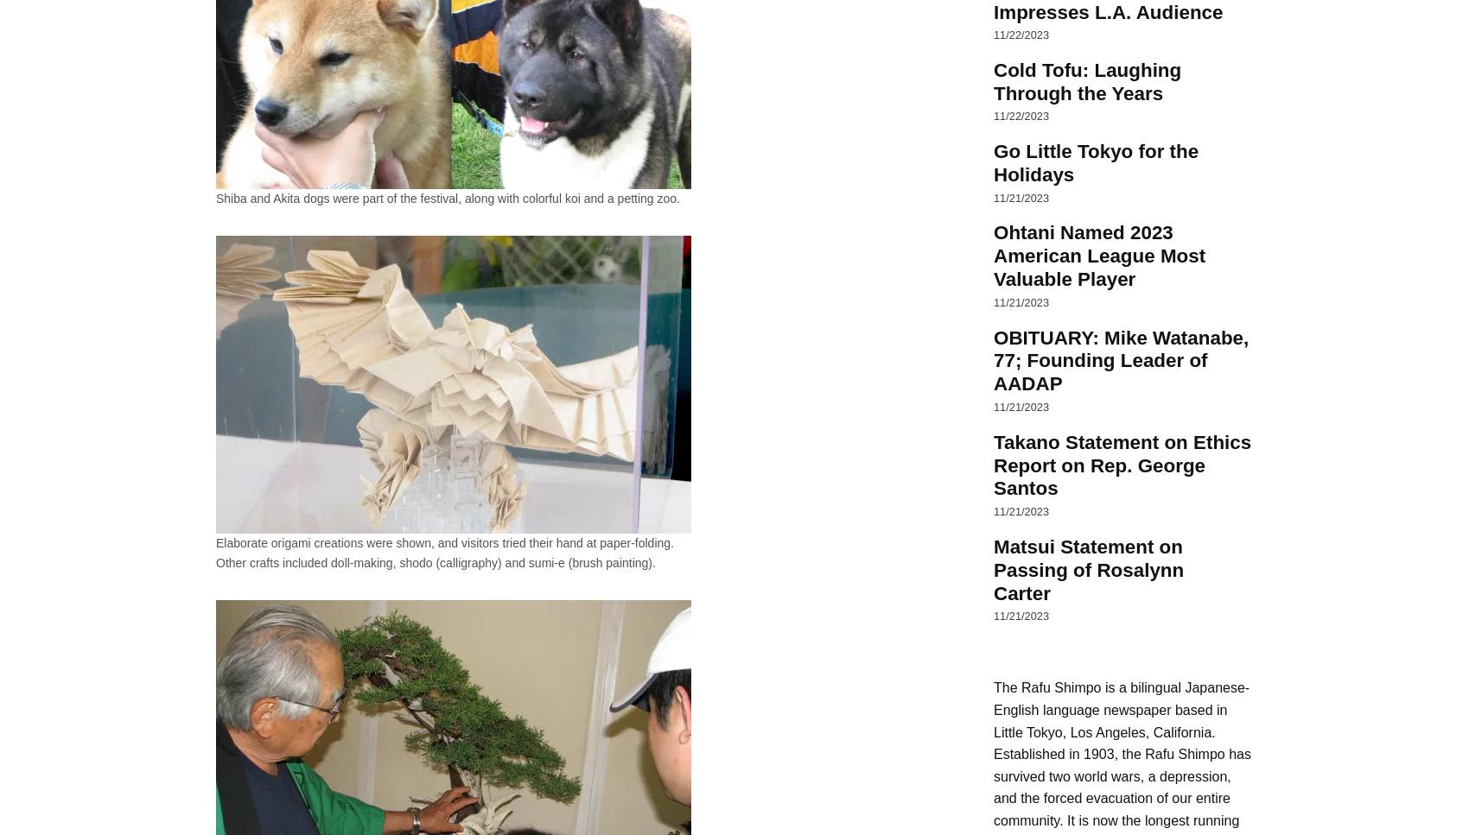 The height and width of the screenshot is (835, 1469). What do you see at coordinates (1098, 255) in the screenshot?
I see `'Ohtani Named 2023 American League Most Valuable Player'` at bounding box center [1098, 255].